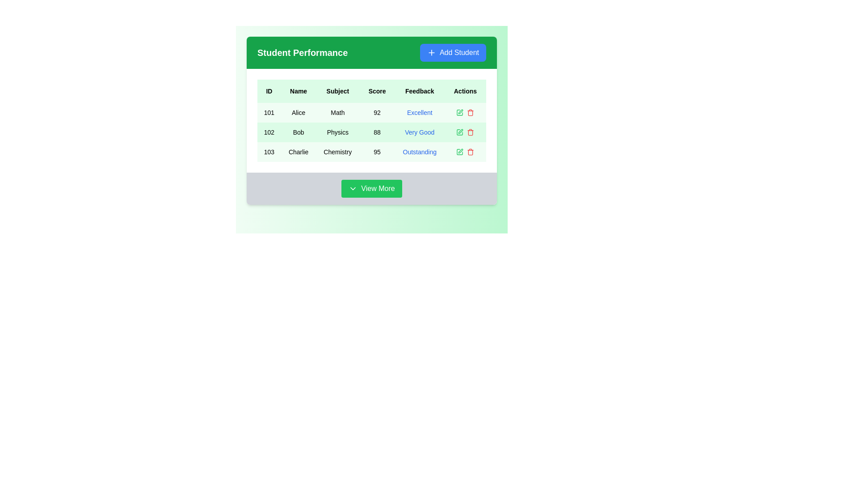 This screenshot has height=483, width=858. Describe the element at coordinates (470, 112) in the screenshot. I see `the small red trash bin icon located in the 'Actions' column of the first row under 'Student Performance'` at that location.